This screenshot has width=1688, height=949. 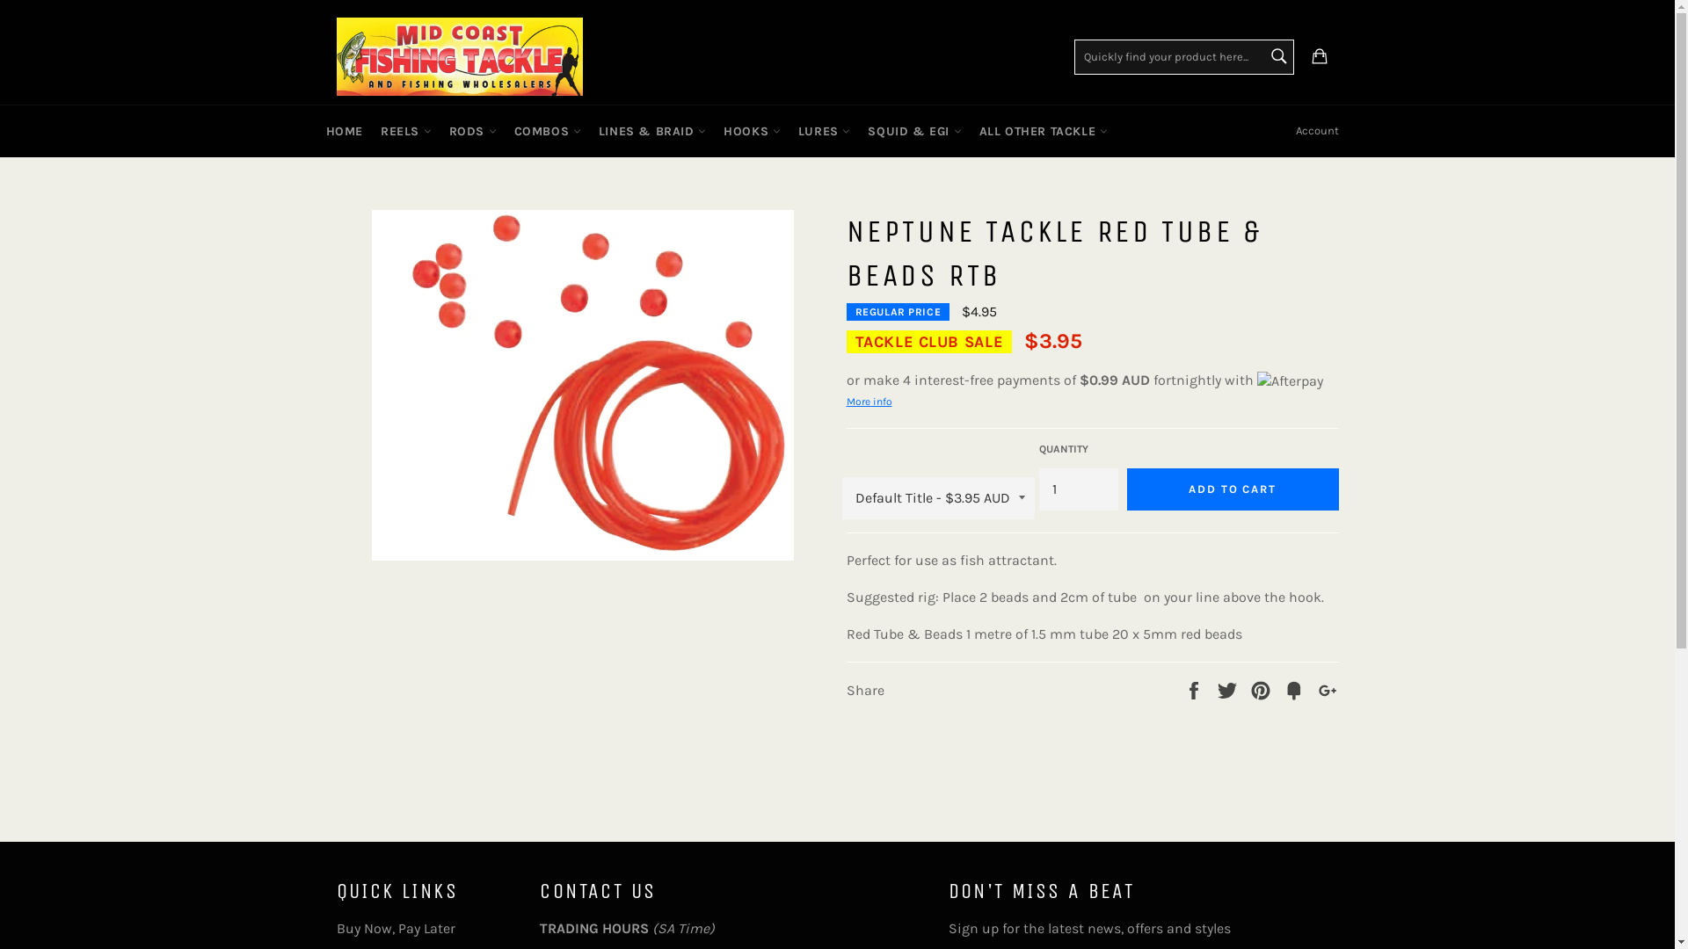 I want to click on 'ADD TO CART', so click(x=1126, y=489).